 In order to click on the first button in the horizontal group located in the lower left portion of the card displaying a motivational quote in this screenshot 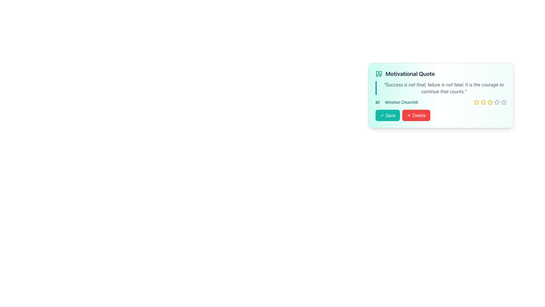, I will do `click(387, 115)`.